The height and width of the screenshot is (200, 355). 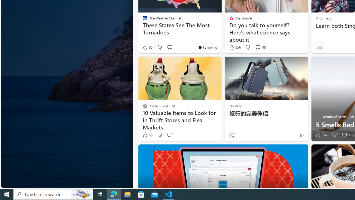 I want to click on 'Ad Choice', so click(x=301, y=135).